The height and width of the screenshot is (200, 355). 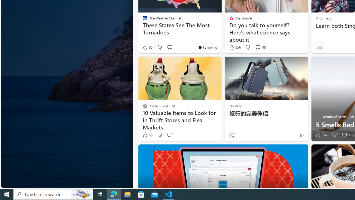 I want to click on 'Ad Choice', so click(x=301, y=135).